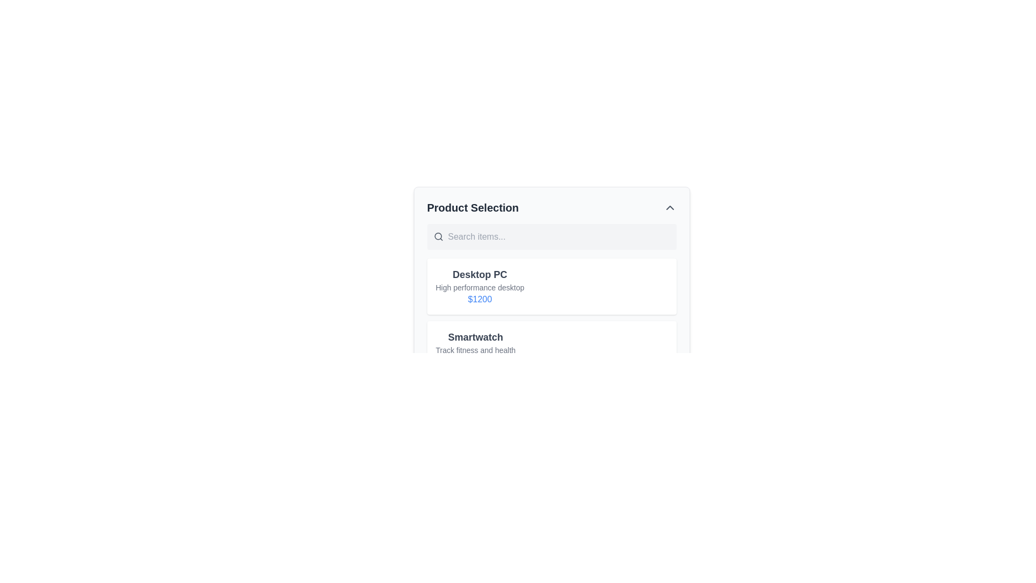 The image size is (1036, 583). What do you see at coordinates (475, 362) in the screenshot?
I see `the price text element displaying '$350' located below the product description in the Smartwatch section` at bounding box center [475, 362].